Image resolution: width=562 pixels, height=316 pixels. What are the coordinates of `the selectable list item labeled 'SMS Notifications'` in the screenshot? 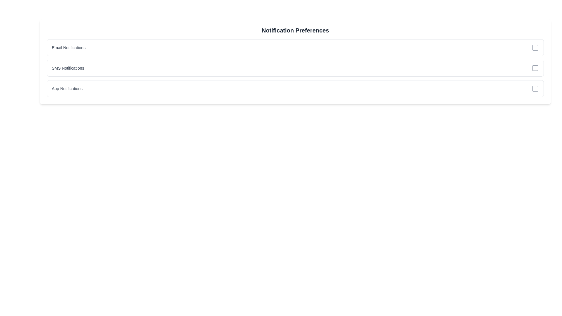 It's located at (295, 68).